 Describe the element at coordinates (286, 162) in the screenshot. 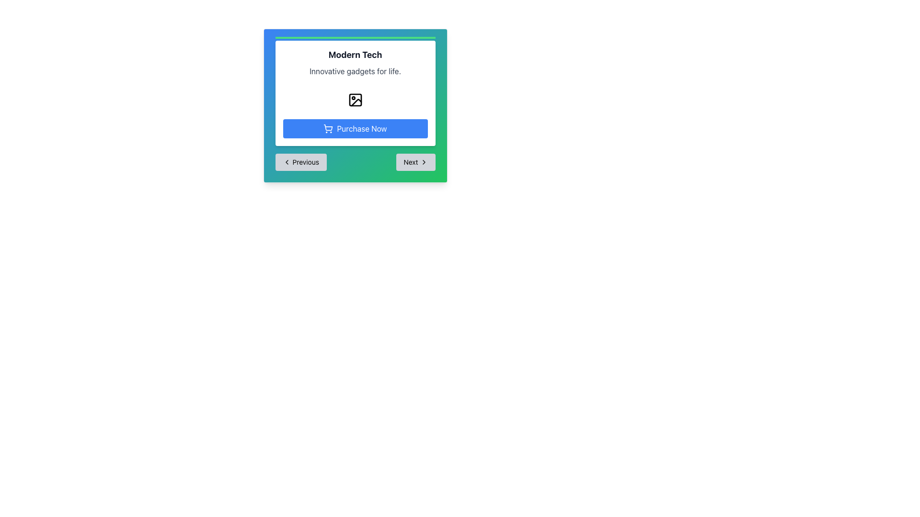

I see `the leftward-pointing arrow icon within the 'Previous' button` at that location.